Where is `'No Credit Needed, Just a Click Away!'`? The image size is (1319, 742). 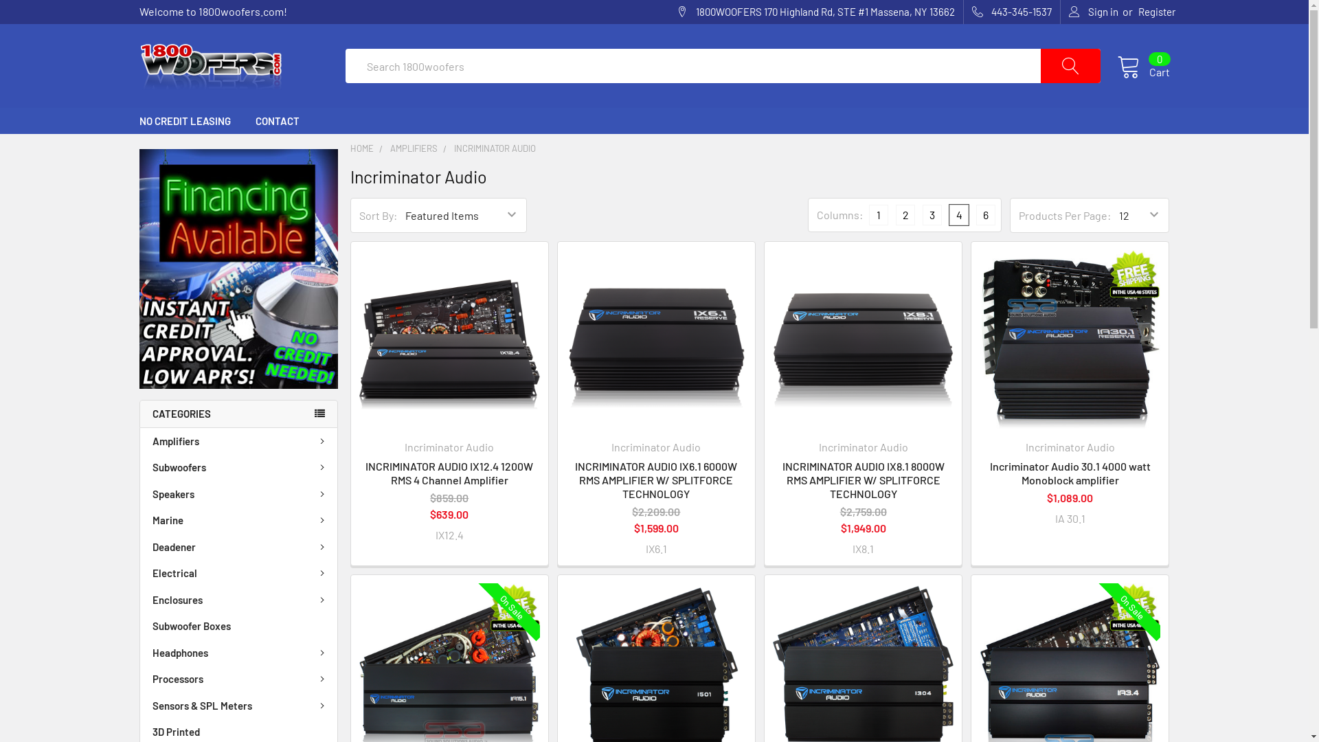 'No Credit Needed, Just a Click Away!' is located at coordinates (138, 269).